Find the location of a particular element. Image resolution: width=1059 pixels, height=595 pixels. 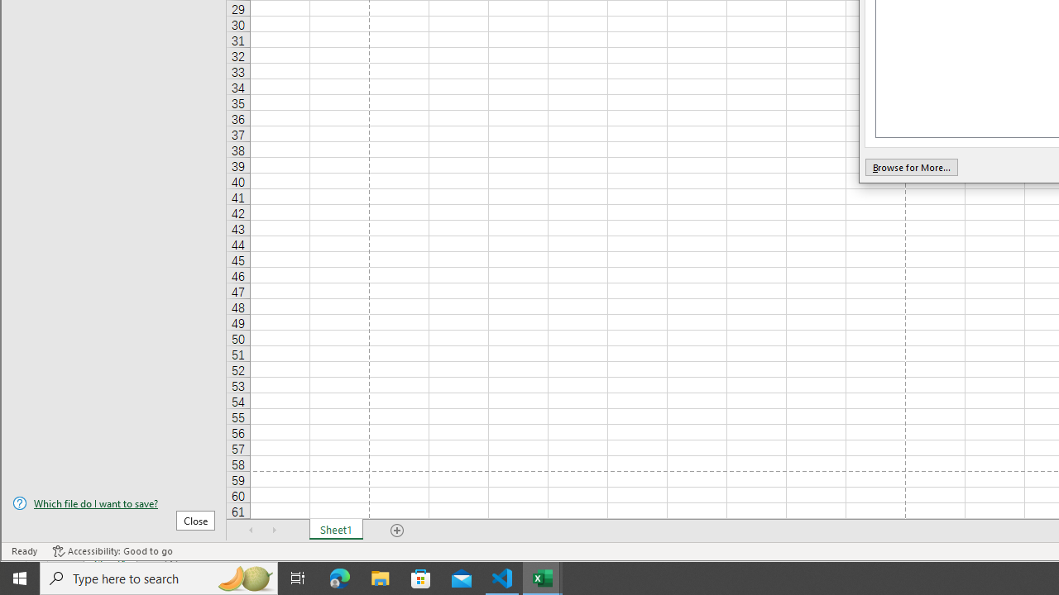

'Scroll Left' is located at coordinates (251, 530).